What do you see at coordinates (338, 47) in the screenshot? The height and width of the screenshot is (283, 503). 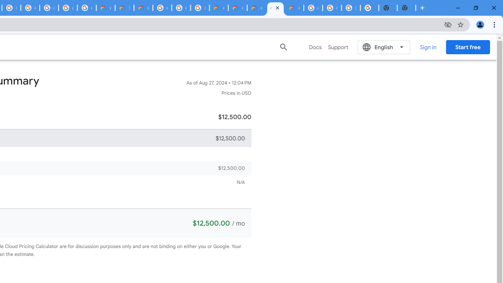 I see `'Support'` at bounding box center [338, 47].